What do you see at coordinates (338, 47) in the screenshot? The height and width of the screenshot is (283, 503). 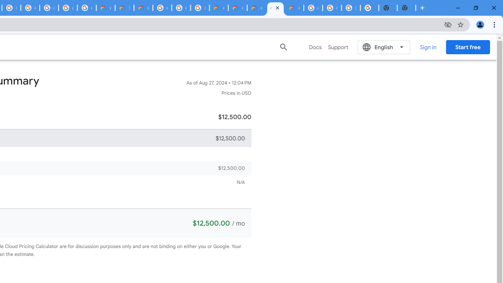 I see `'Support'` at bounding box center [338, 47].